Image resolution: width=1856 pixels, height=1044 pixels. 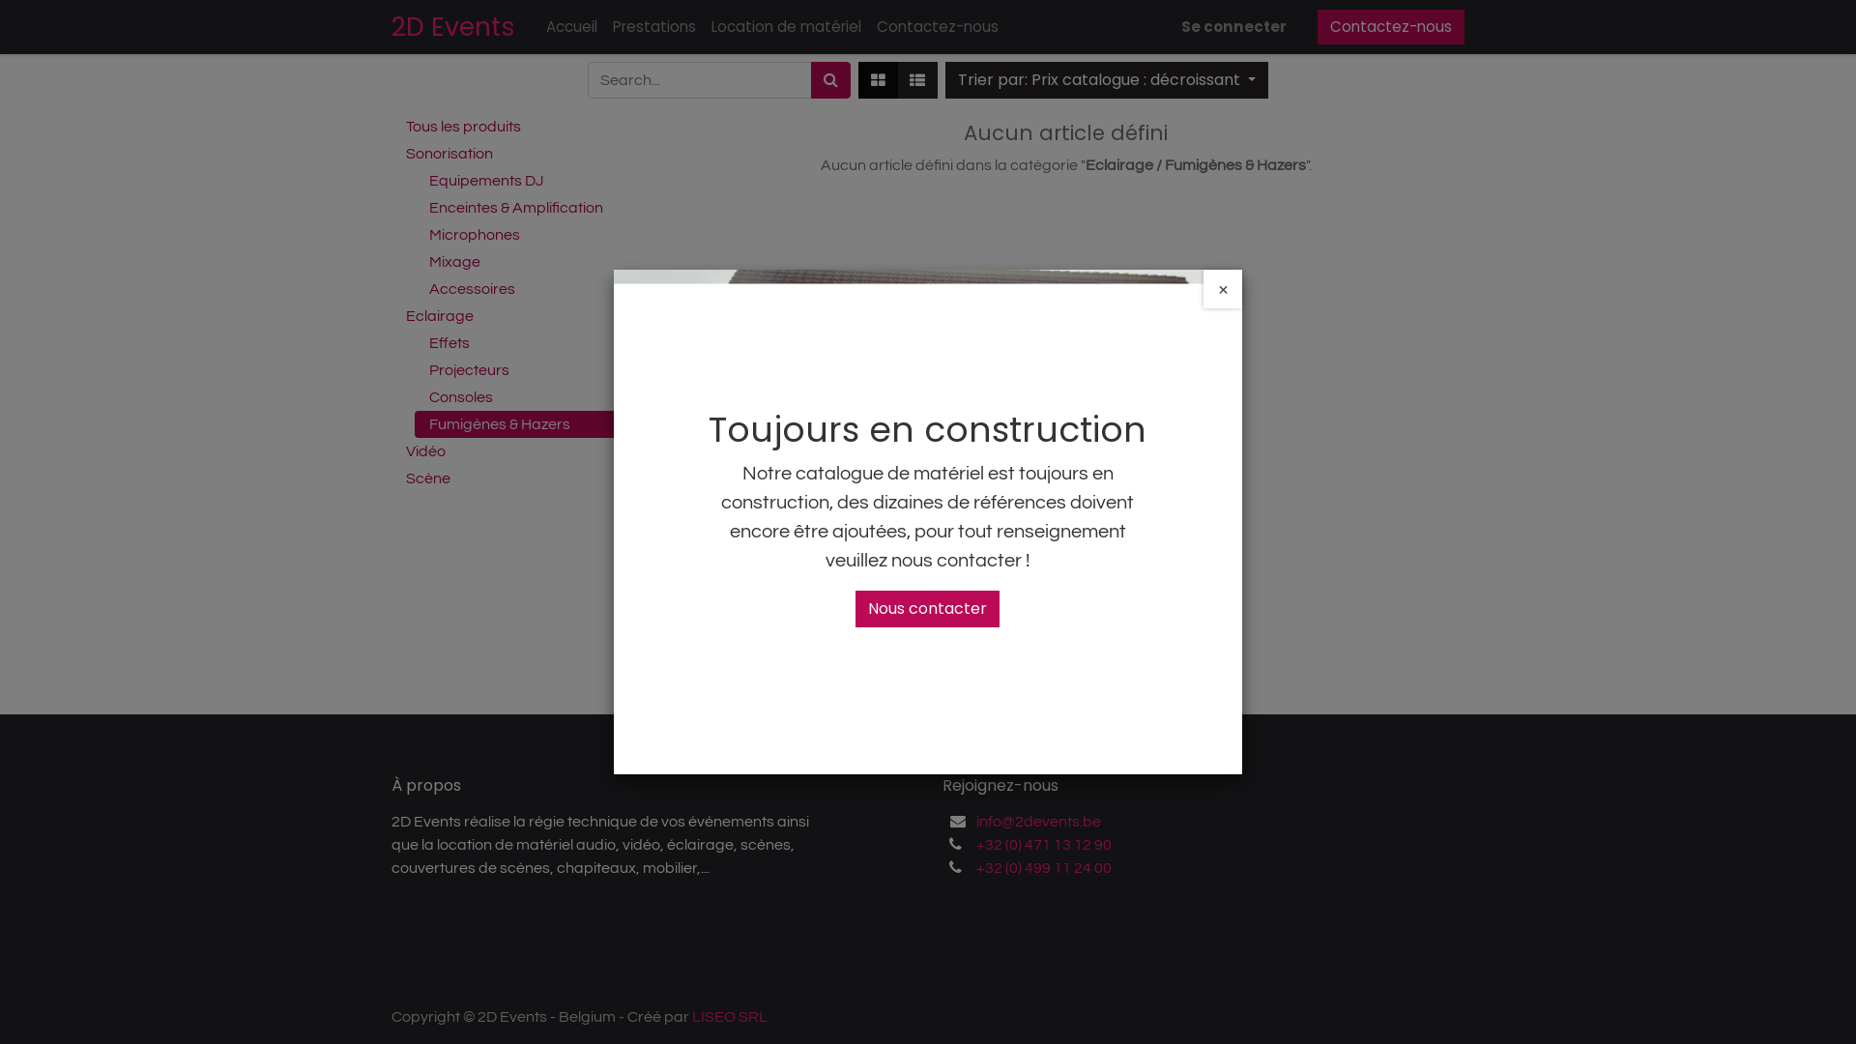 What do you see at coordinates (413, 396) in the screenshot?
I see `'Consoles'` at bounding box center [413, 396].